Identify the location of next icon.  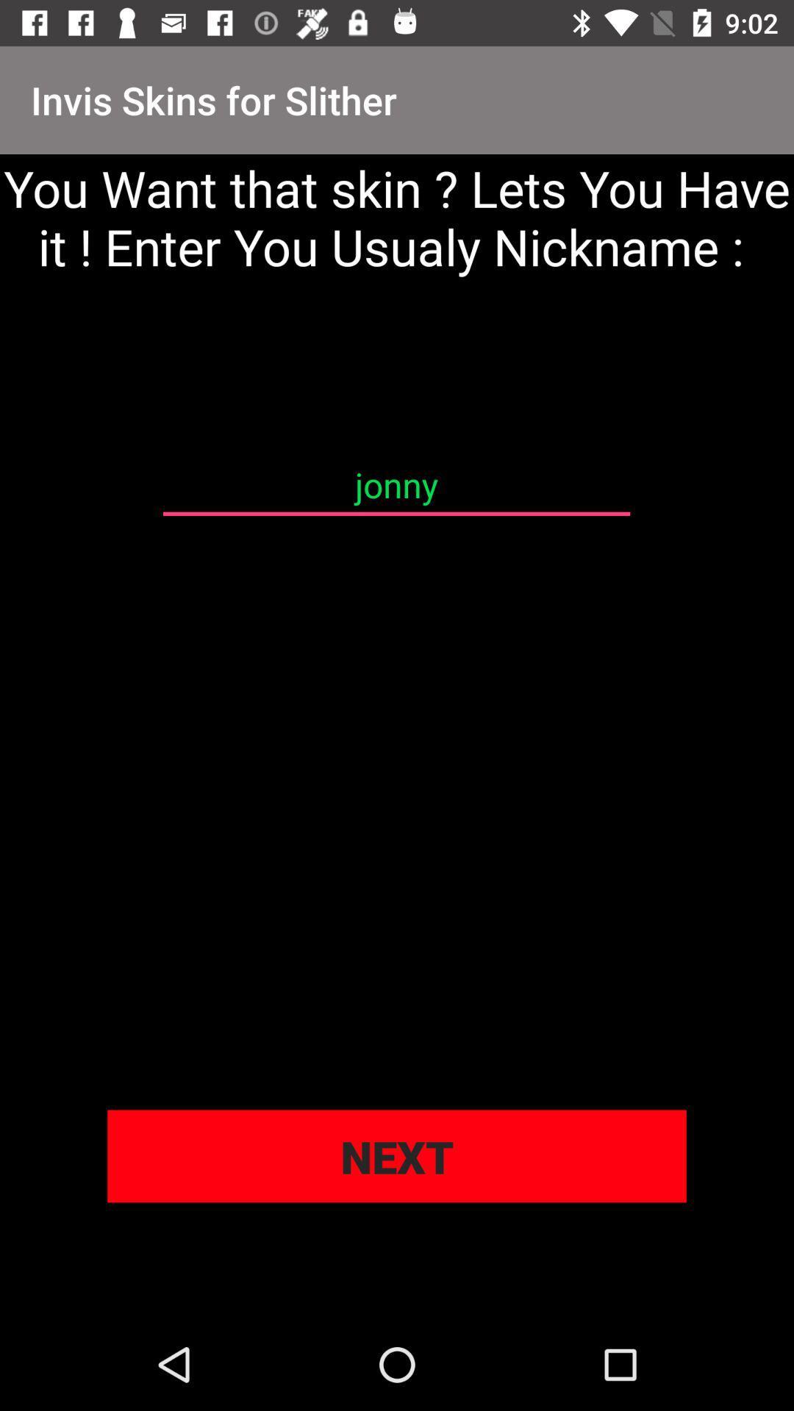
(397, 1155).